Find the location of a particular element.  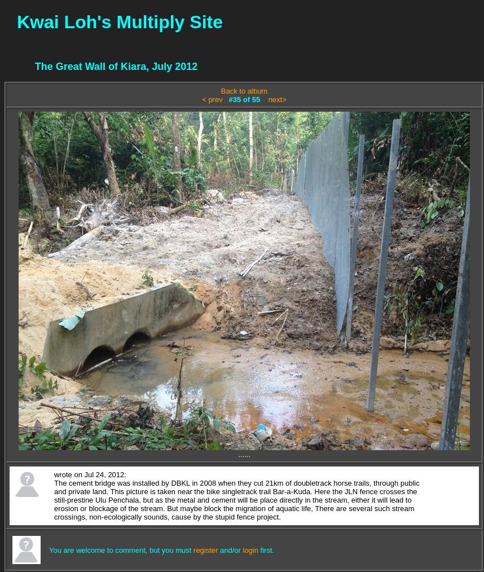

'and/or' is located at coordinates (229, 549).